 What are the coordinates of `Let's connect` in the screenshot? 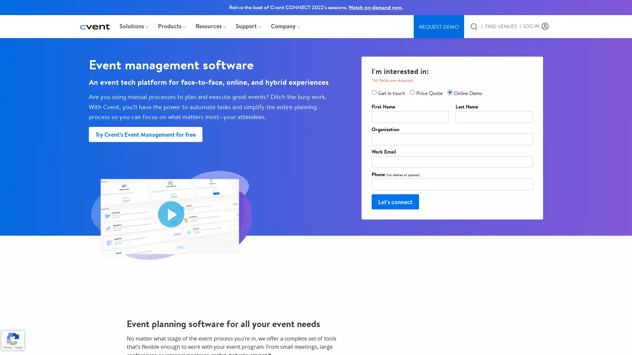 It's located at (395, 201).